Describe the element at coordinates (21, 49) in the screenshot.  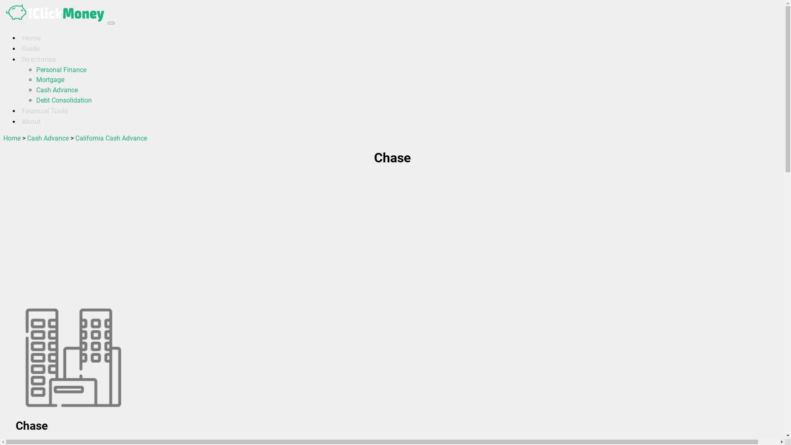
I see `'Guide'` at that location.